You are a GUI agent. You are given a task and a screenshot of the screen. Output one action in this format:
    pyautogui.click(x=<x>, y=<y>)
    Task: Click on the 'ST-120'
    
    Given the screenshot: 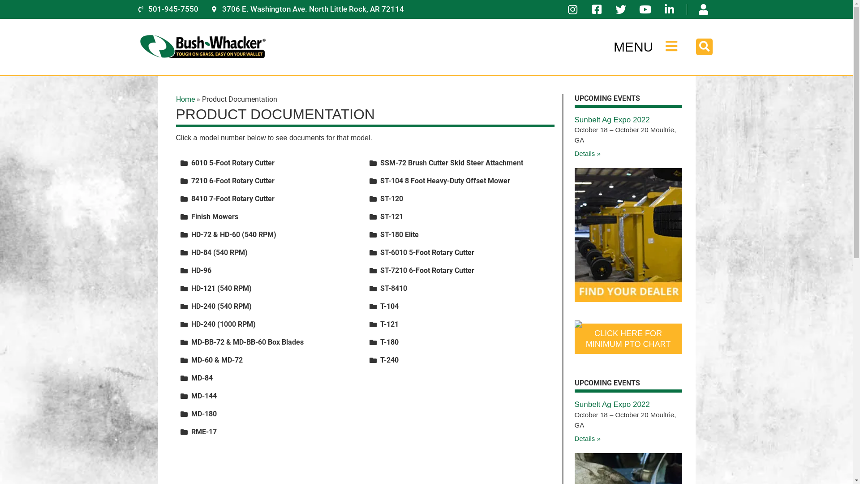 What is the action you would take?
    pyautogui.click(x=391, y=198)
    